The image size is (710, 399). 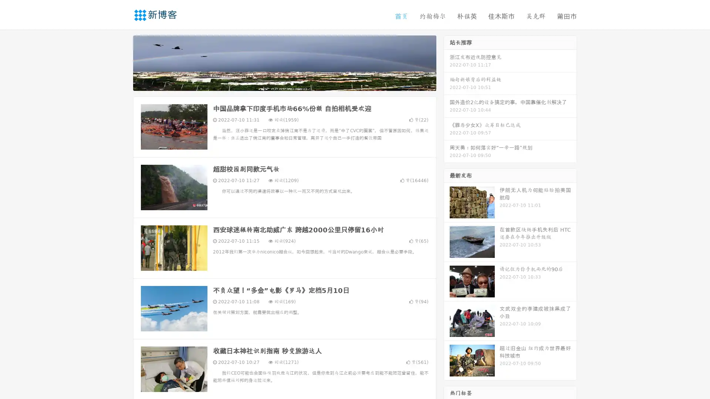 What do you see at coordinates (122, 62) in the screenshot?
I see `Previous slide` at bounding box center [122, 62].